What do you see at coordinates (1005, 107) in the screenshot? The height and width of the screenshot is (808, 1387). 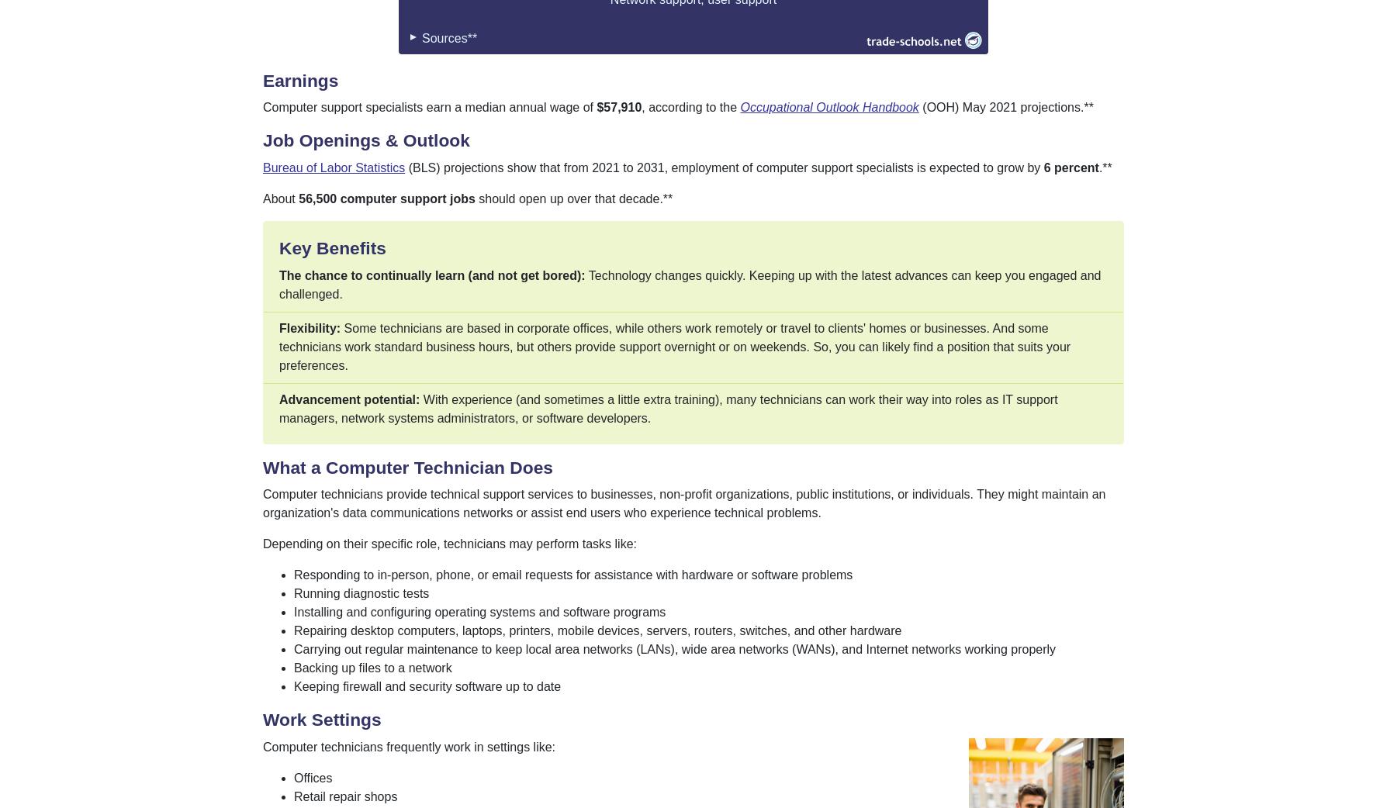 I see `'(OOH) May 2021 projections.**'` at bounding box center [1005, 107].